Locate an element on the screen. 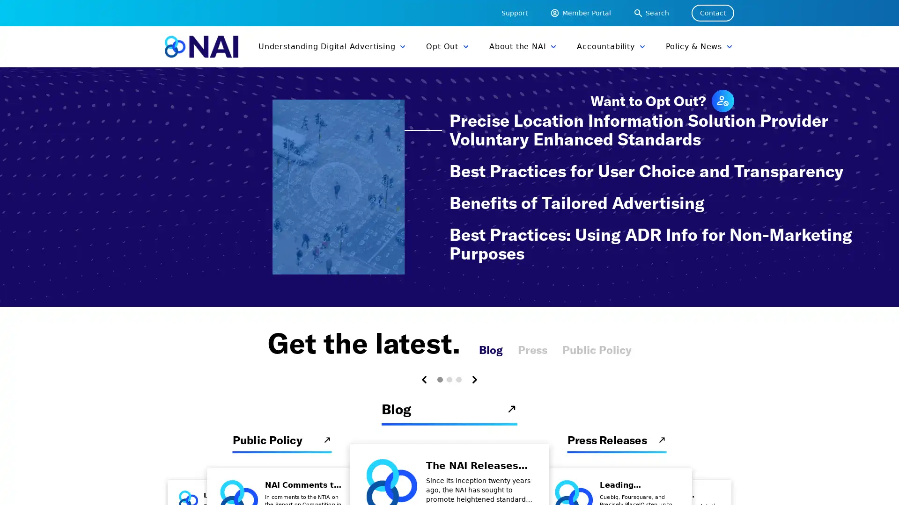  Carousel Page 2 is located at coordinates (449, 380).